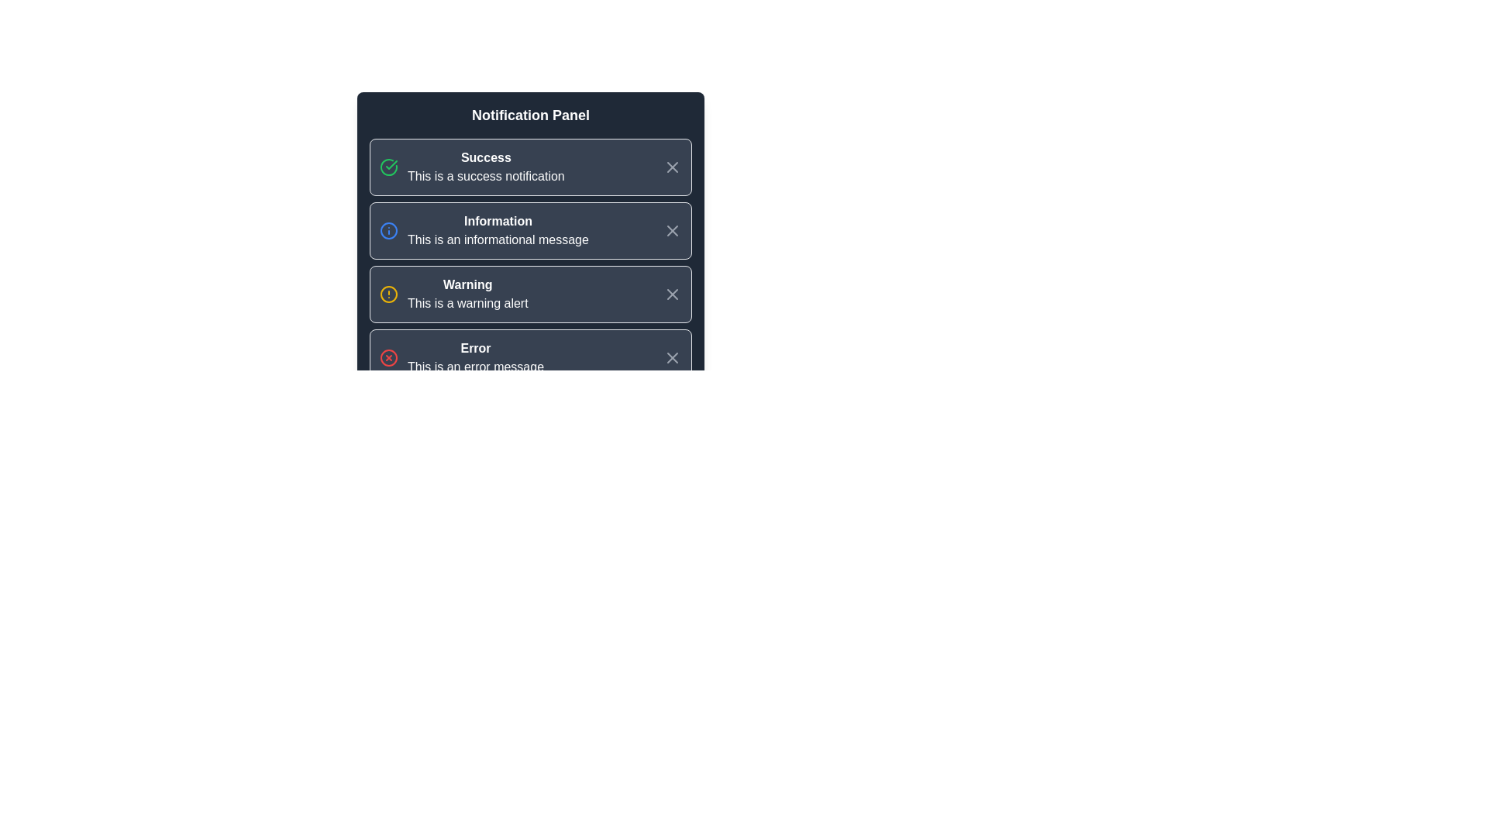 The height and width of the screenshot is (837, 1488). What do you see at coordinates (467, 284) in the screenshot?
I see `bold text label 'Warning' located centrally within the notification card in the Notification Panel to understand the notification type` at bounding box center [467, 284].